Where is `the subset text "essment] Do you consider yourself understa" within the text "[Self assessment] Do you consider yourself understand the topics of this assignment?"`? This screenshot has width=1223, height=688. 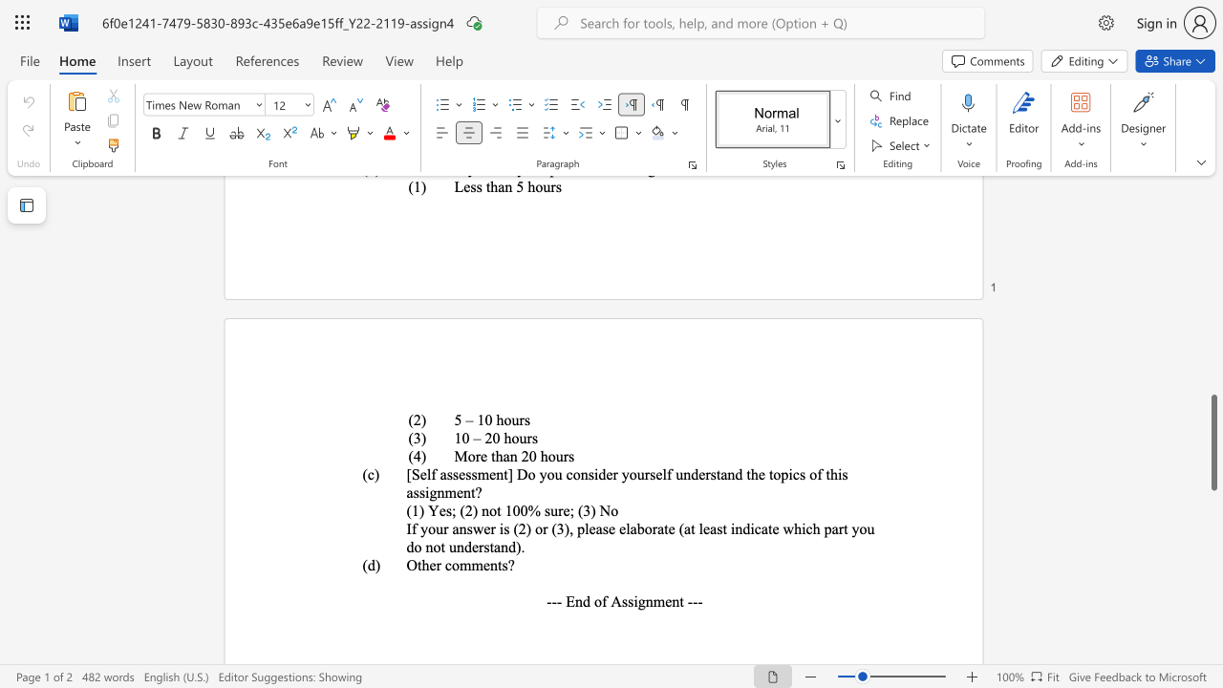 the subset text "essment] Do you consider yourself understa" within the text "[Self assessment] Do you consider yourself understand the topics of this assignment?" is located at coordinates (459, 473).